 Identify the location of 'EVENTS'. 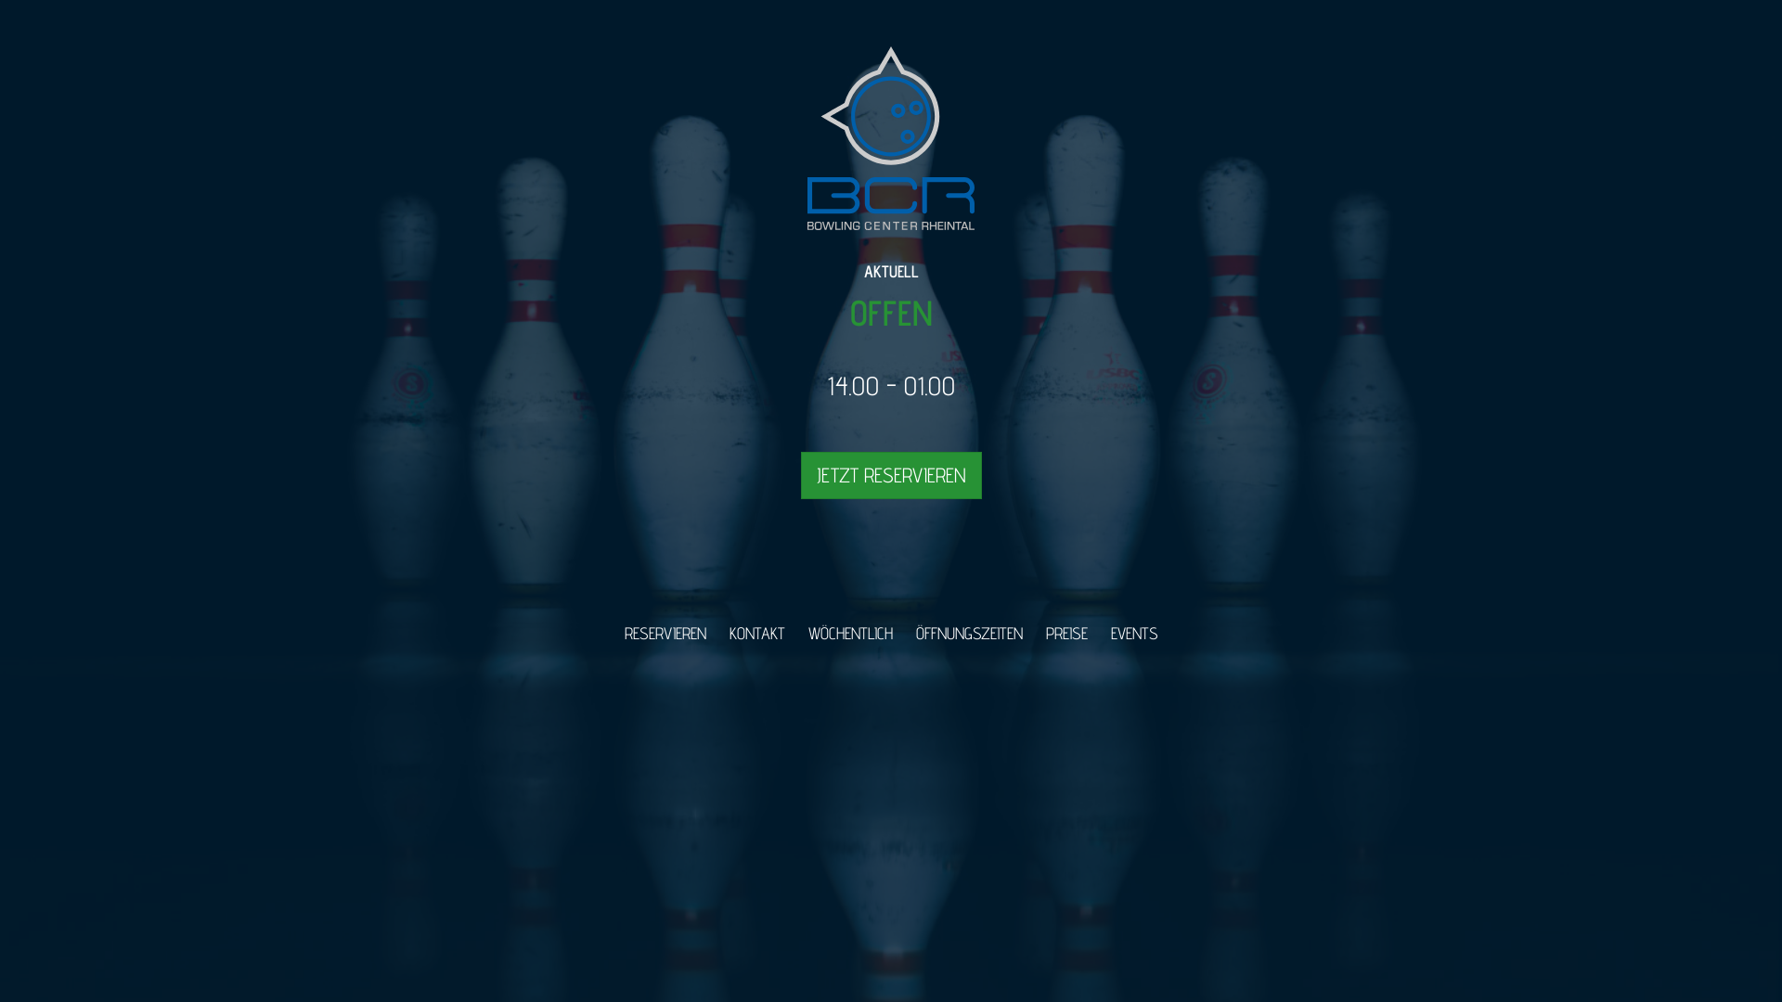
(1132, 632).